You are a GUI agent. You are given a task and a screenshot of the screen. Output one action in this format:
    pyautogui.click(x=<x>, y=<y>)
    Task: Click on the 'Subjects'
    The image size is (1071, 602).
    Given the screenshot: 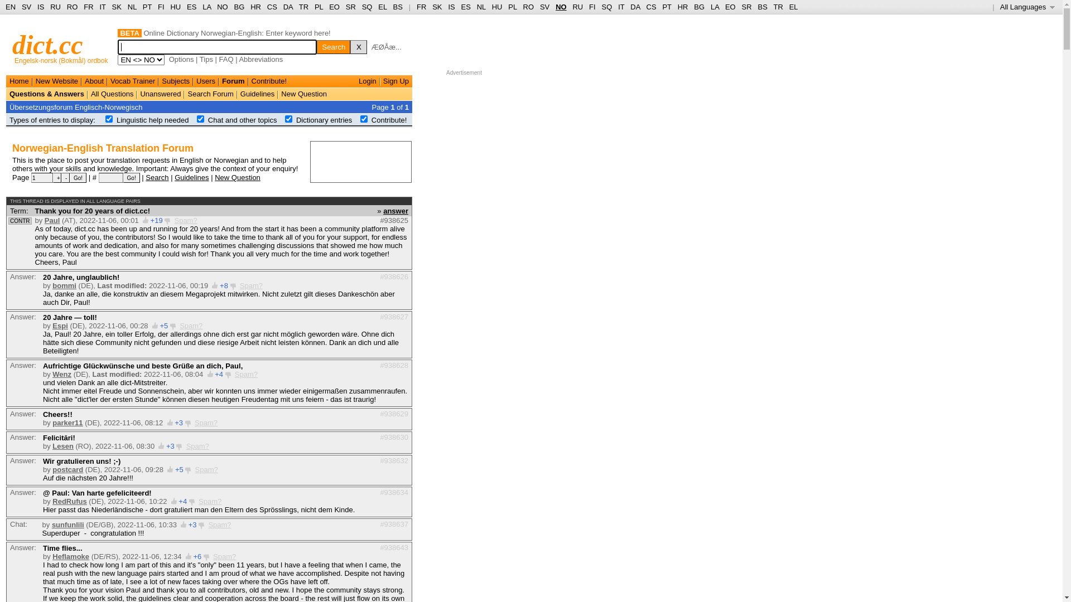 What is the action you would take?
    pyautogui.click(x=175, y=80)
    